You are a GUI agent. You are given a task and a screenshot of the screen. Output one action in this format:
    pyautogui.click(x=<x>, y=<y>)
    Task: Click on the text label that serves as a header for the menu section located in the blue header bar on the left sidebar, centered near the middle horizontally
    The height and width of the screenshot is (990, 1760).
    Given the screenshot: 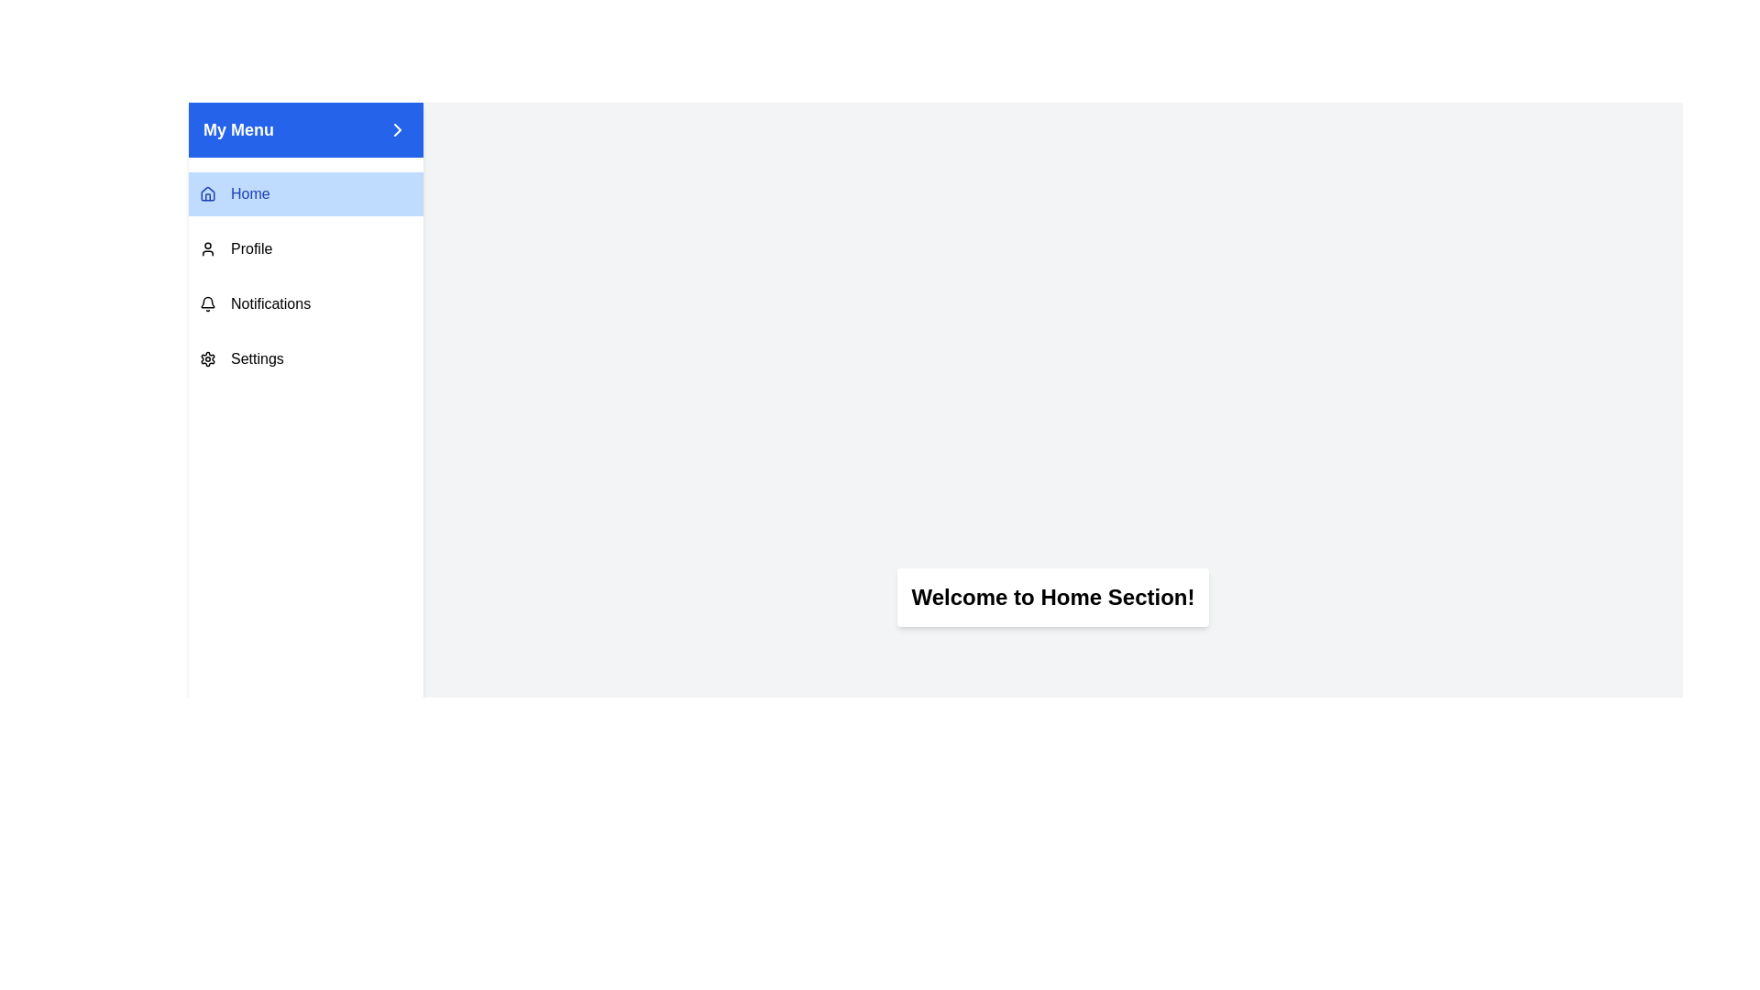 What is the action you would take?
    pyautogui.click(x=237, y=129)
    